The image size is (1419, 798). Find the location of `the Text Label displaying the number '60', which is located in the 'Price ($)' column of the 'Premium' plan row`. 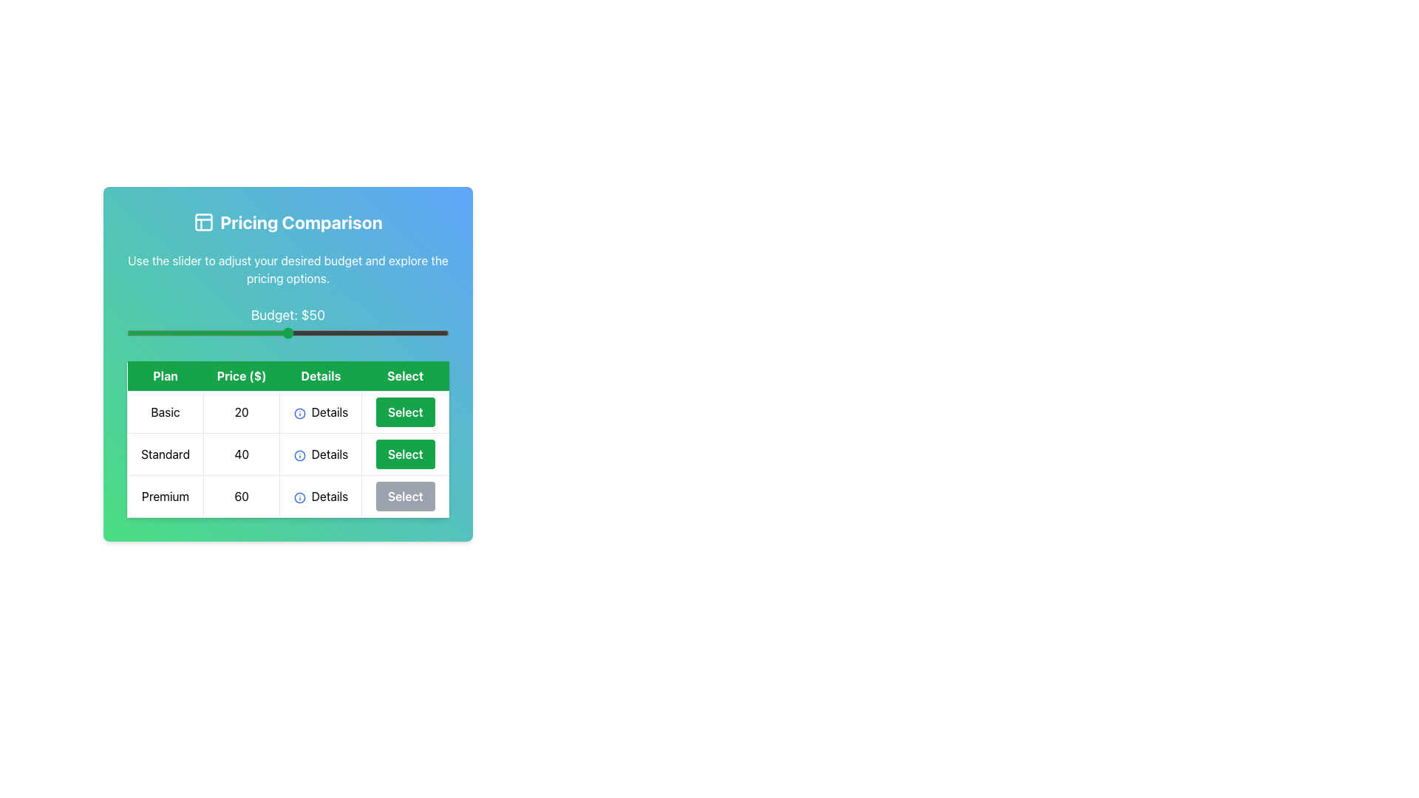

the Text Label displaying the number '60', which is located in the 'Price ($)' column of the 'Premium' plan row is located at coordinates (242, 496).